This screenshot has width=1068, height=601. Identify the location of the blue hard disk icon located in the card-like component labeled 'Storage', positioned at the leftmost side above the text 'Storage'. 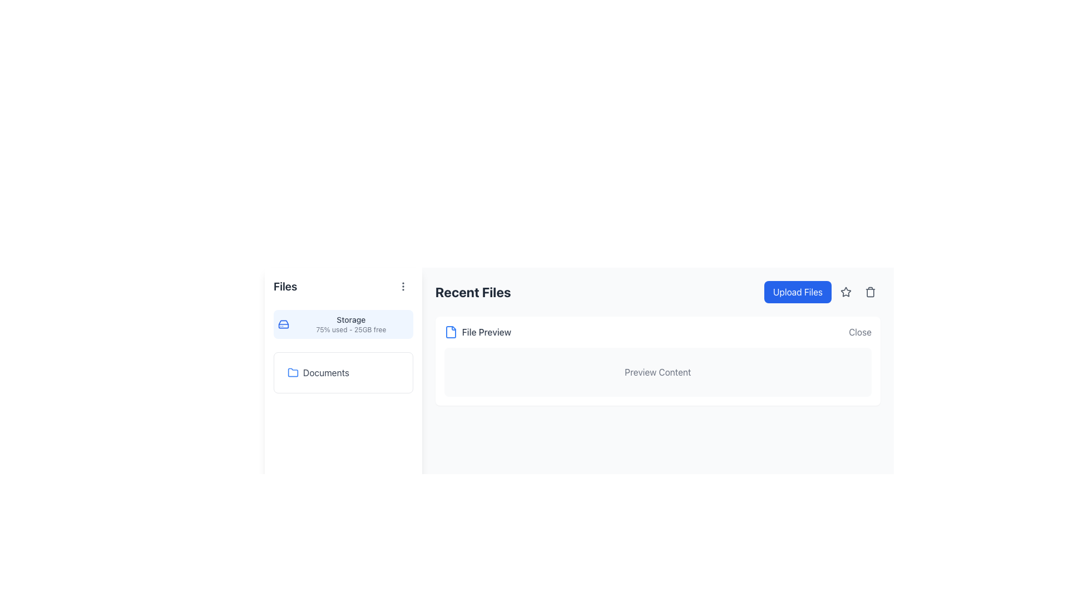
(283, 324).